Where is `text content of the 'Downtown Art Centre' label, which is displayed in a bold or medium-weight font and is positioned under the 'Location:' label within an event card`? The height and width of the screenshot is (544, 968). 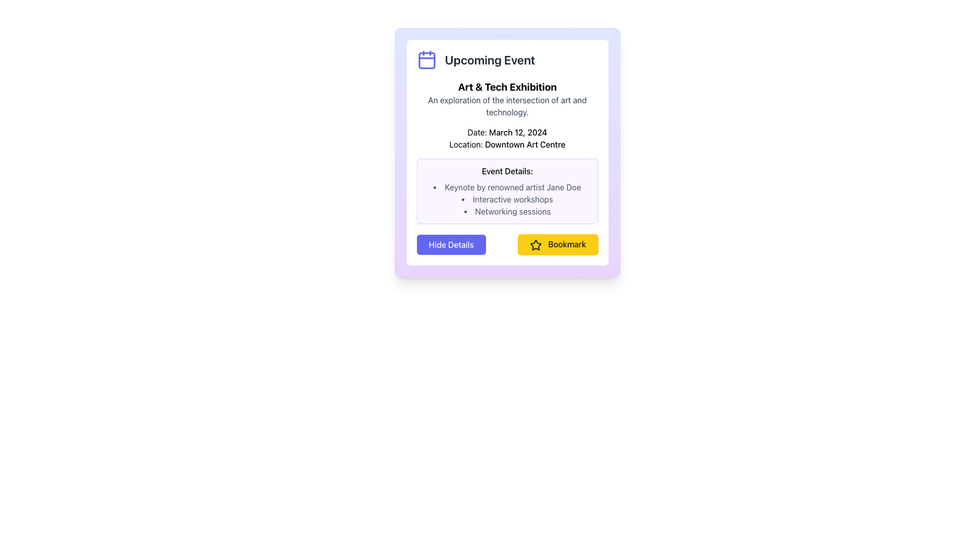 text content of the 'Downtown Art Centre' label, which is displayed in a bold or medium-weight font and is positioned under the 'Location:' label within an event card is located at coordinates (524, 144).